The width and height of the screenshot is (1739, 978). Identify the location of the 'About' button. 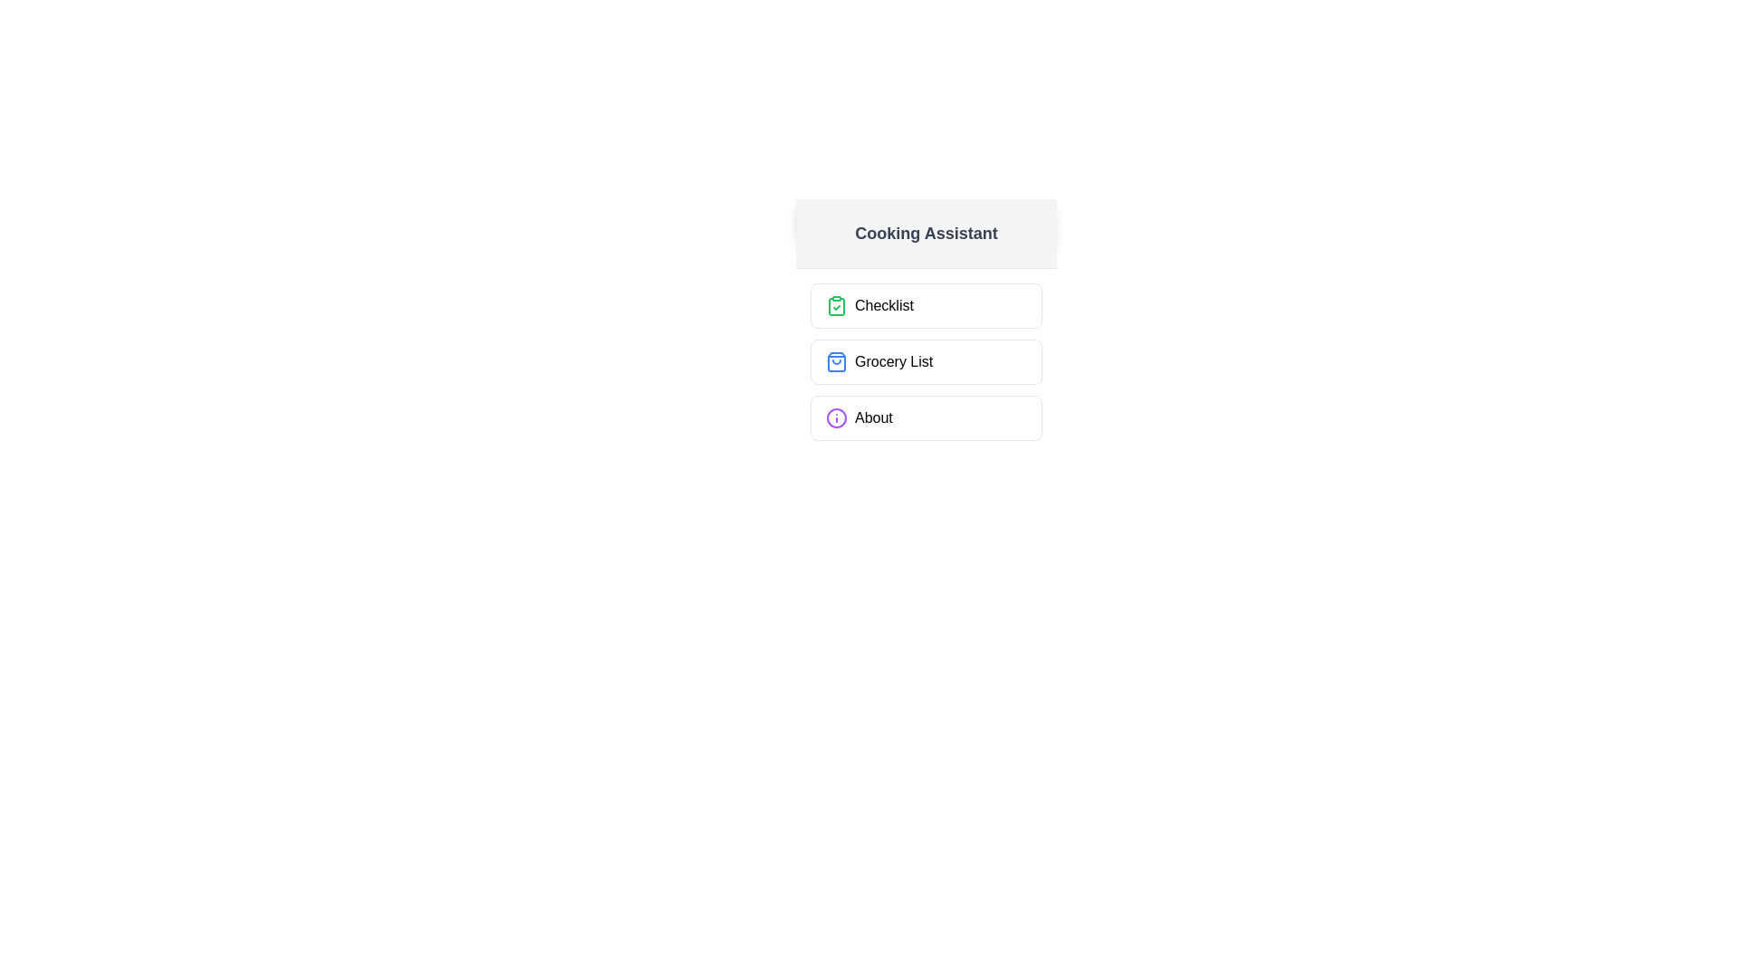
(926, 418).